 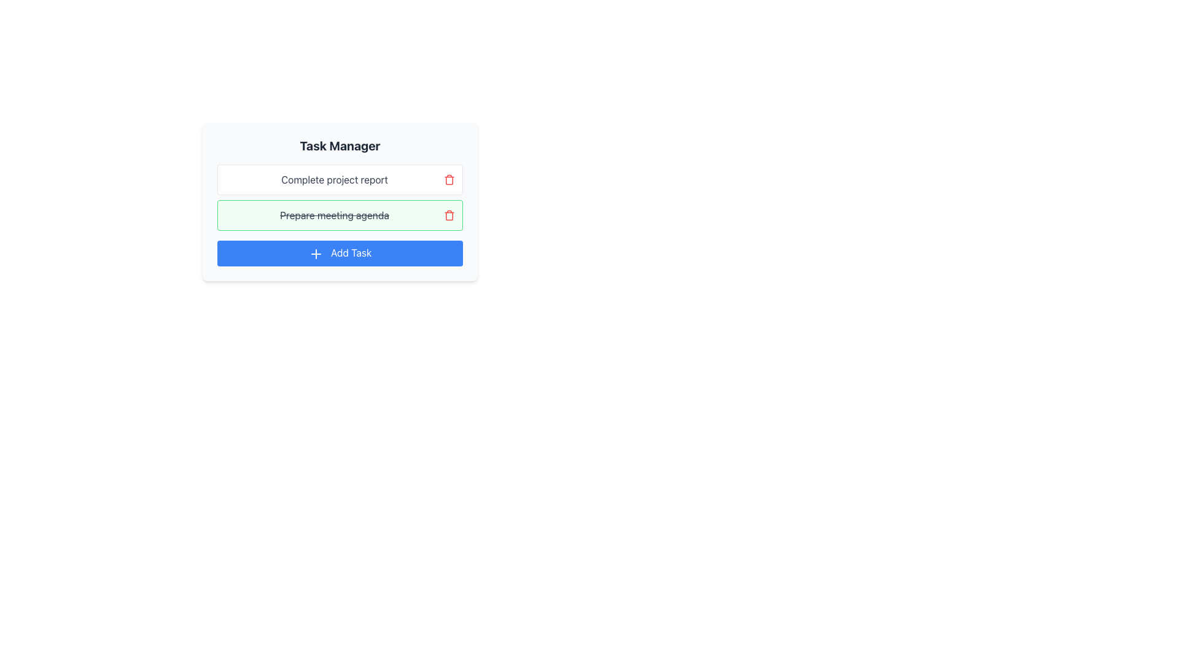 What do you see at coordinates (340, 215) in the screenshot?
I see `task title 'Prepare meeting agenda' from the completed task item with a light green background and a red trash bin icon, located in the 'Task Manager' section` at bounding box center [340, 215].